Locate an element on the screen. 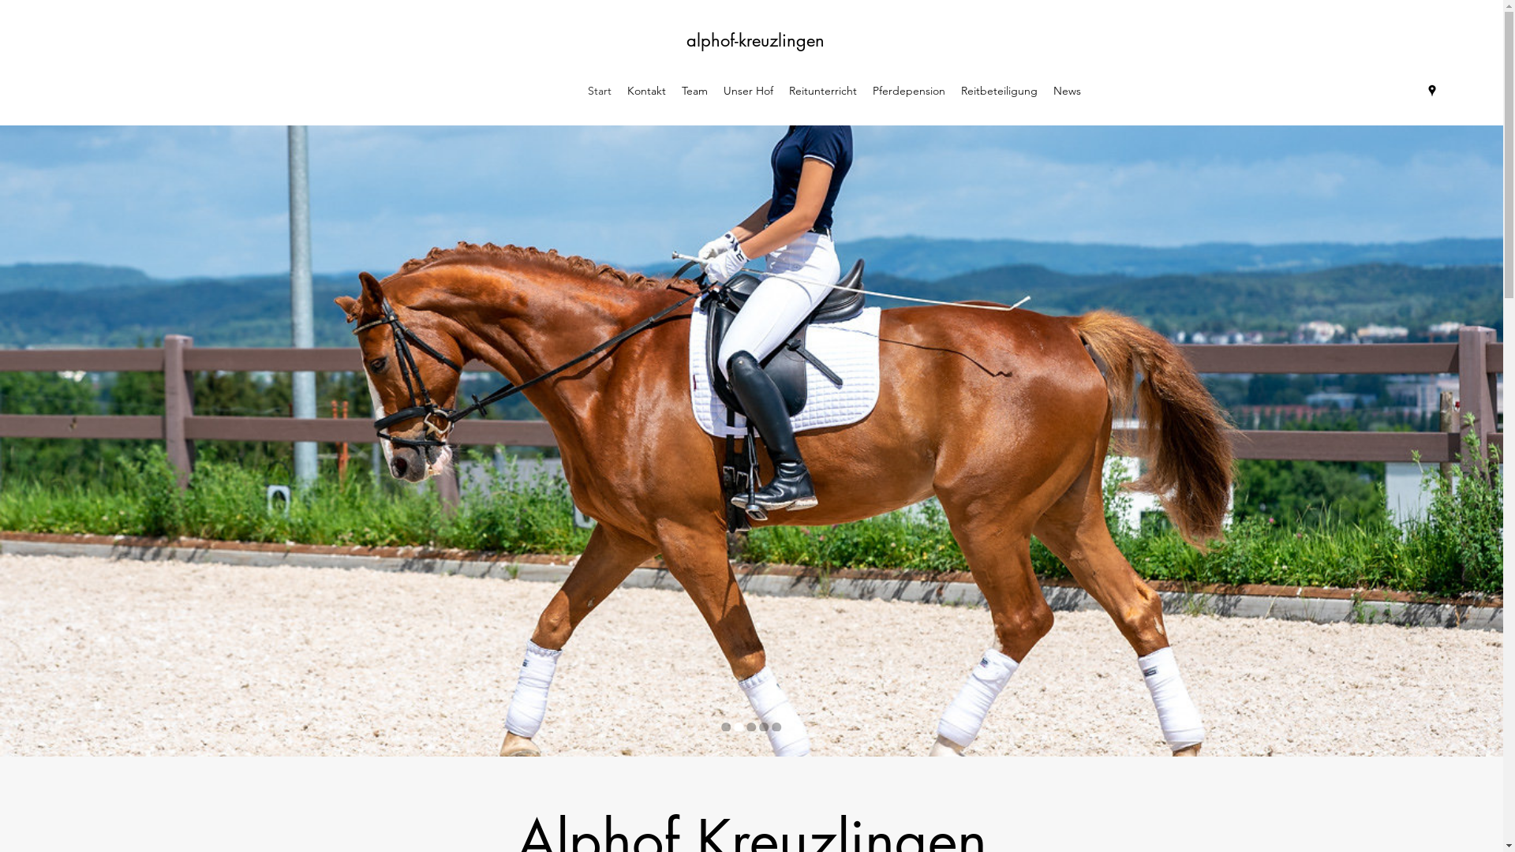  'Unser Hof' is located at coordinates (715, 91).